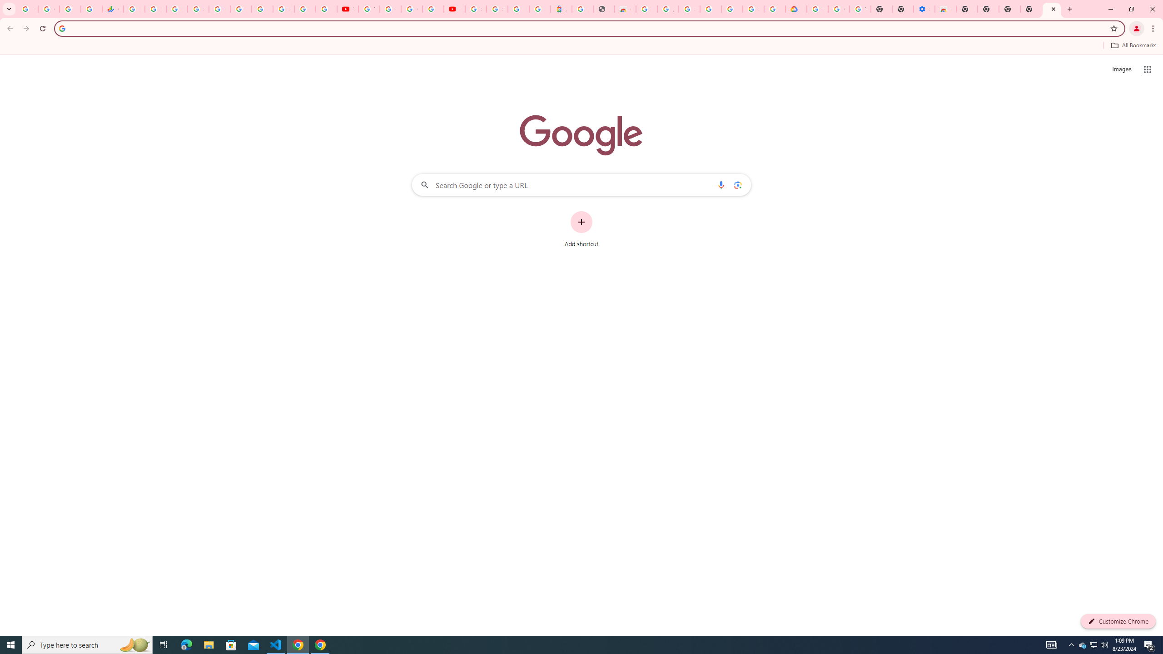 This screenshot has width=1163, height=654. Describe the element at coordinates (581, 229) in the screenshot. I see `'Add shortcut'` at that location.